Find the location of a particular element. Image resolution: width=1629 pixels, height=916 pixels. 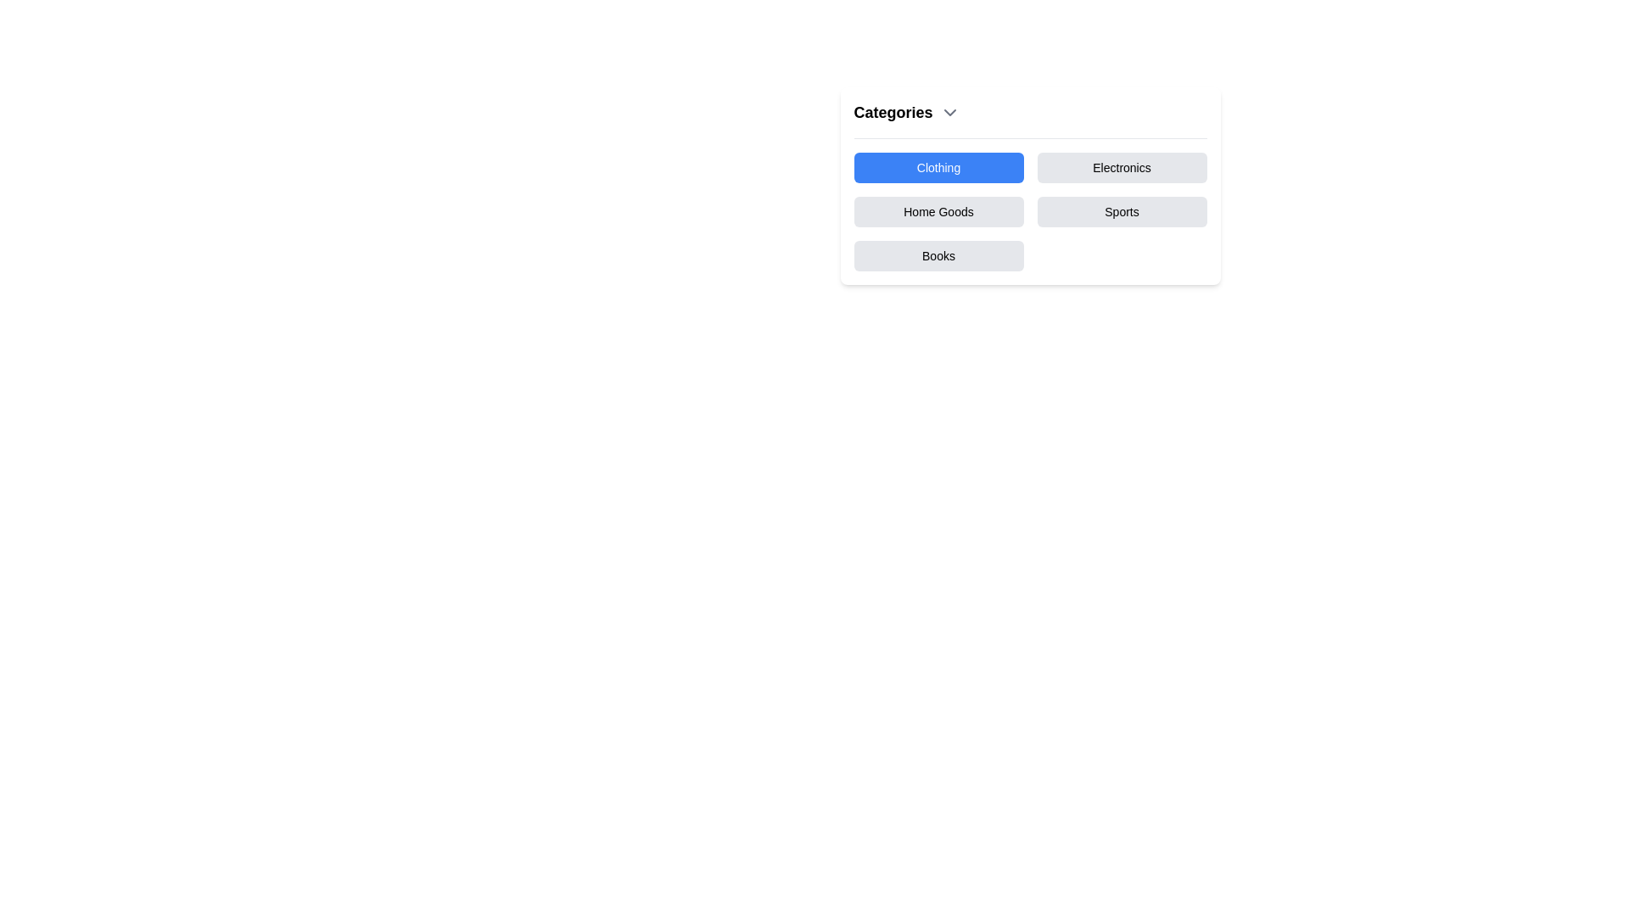

the 'Clothing' button located in the top-left corner of the 'Categories' section is located at coordinates (938, 167).